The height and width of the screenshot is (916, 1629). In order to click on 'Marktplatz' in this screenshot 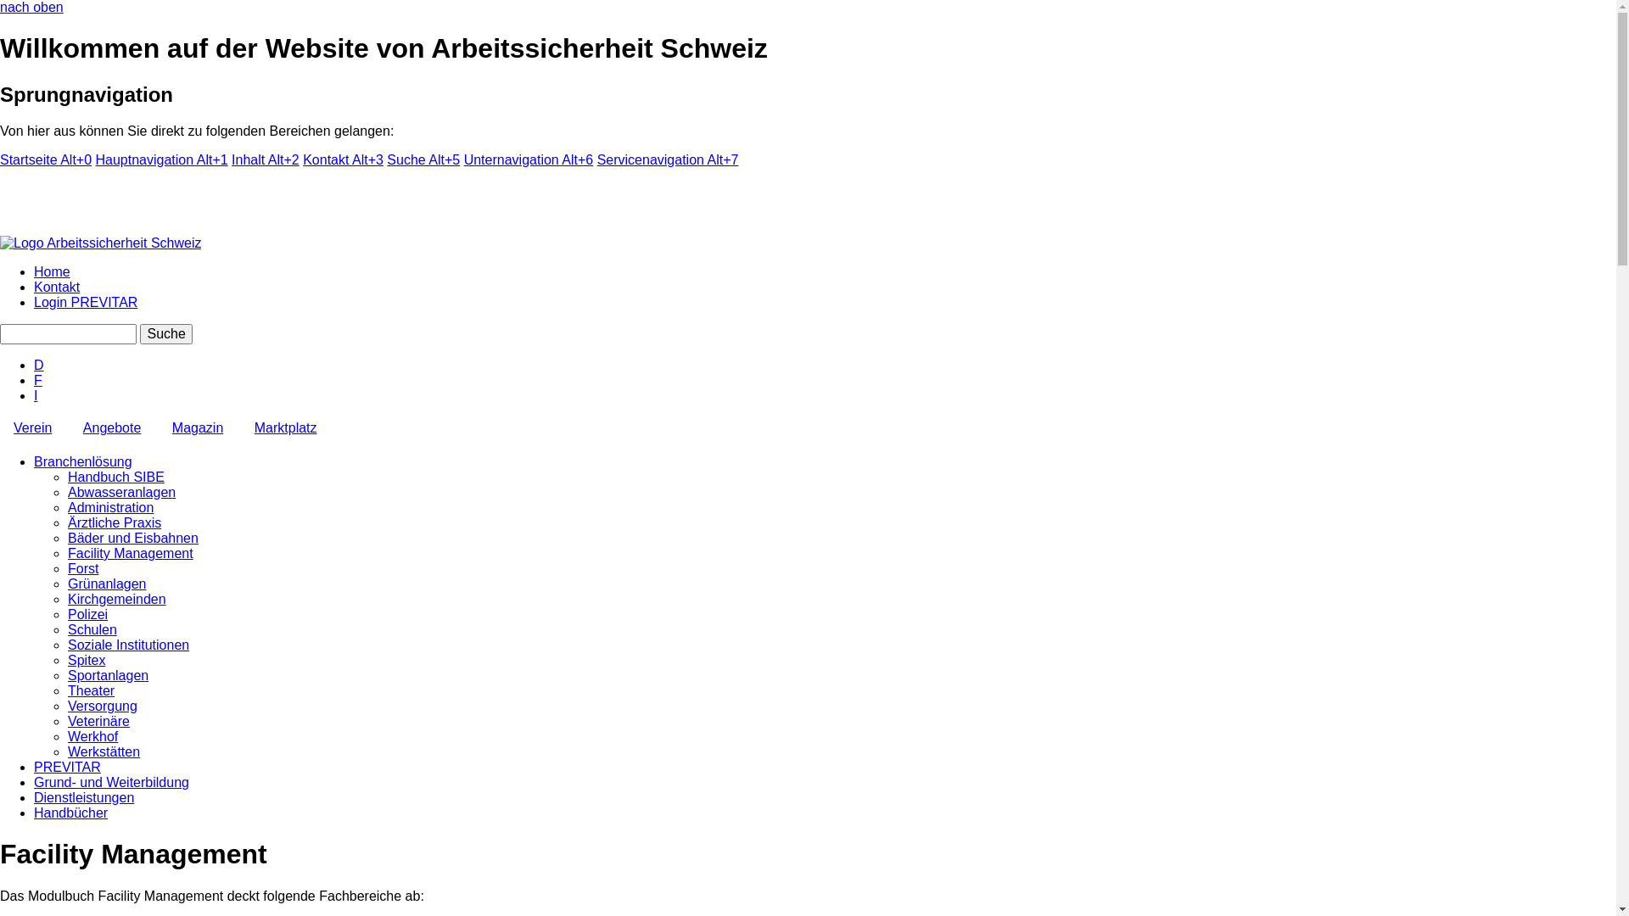, I will do `click(285, 427)`.